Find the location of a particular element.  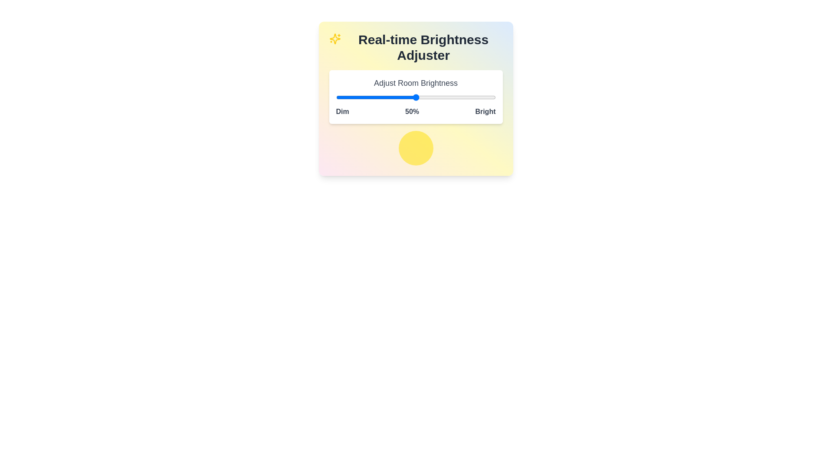

the brightness slider to 98% is located at coordinates (492, 97).